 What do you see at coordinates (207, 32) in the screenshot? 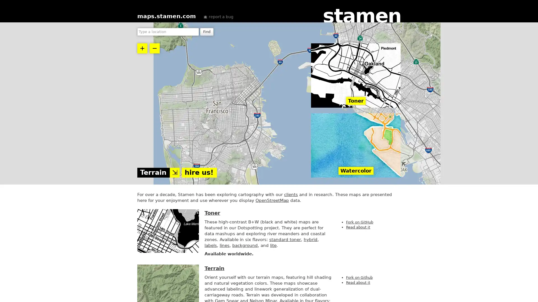
I see `Find` at bounding box center [207, 32].